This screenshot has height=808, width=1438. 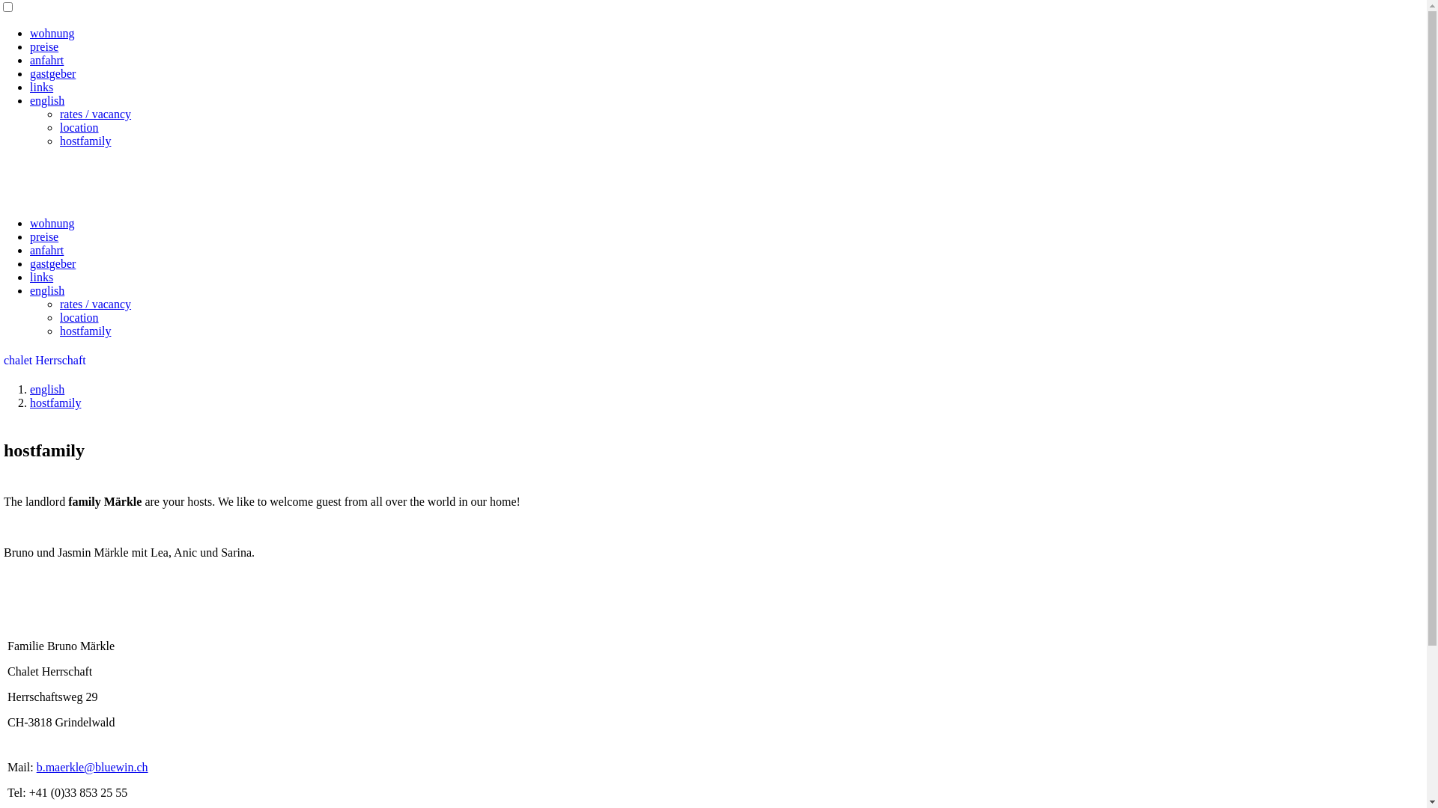 I want to click on 'location', so click(x=78, y=126).